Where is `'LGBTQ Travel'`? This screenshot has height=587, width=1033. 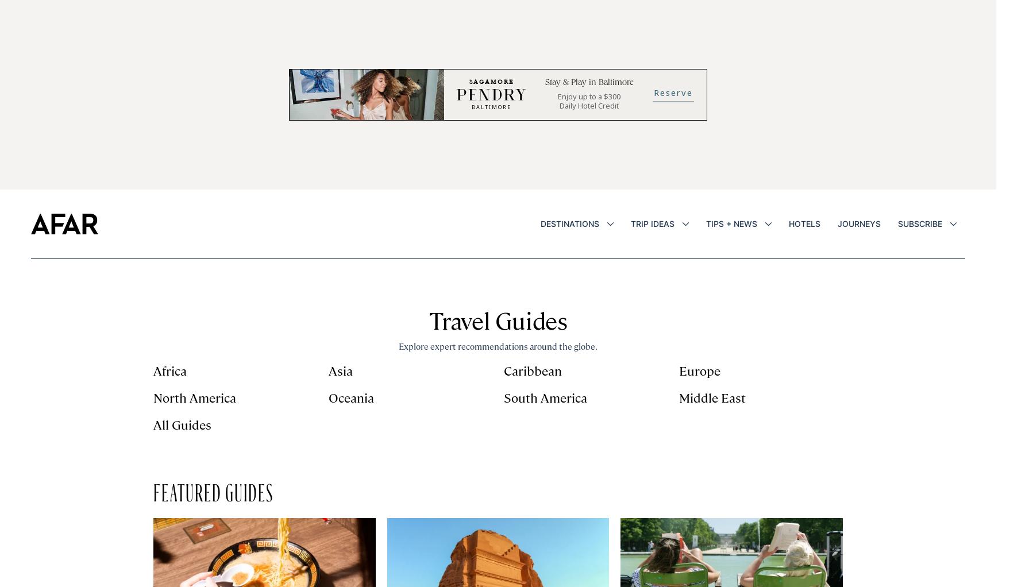 'LGBTQ Travel' is located at coordinates (663, 447).